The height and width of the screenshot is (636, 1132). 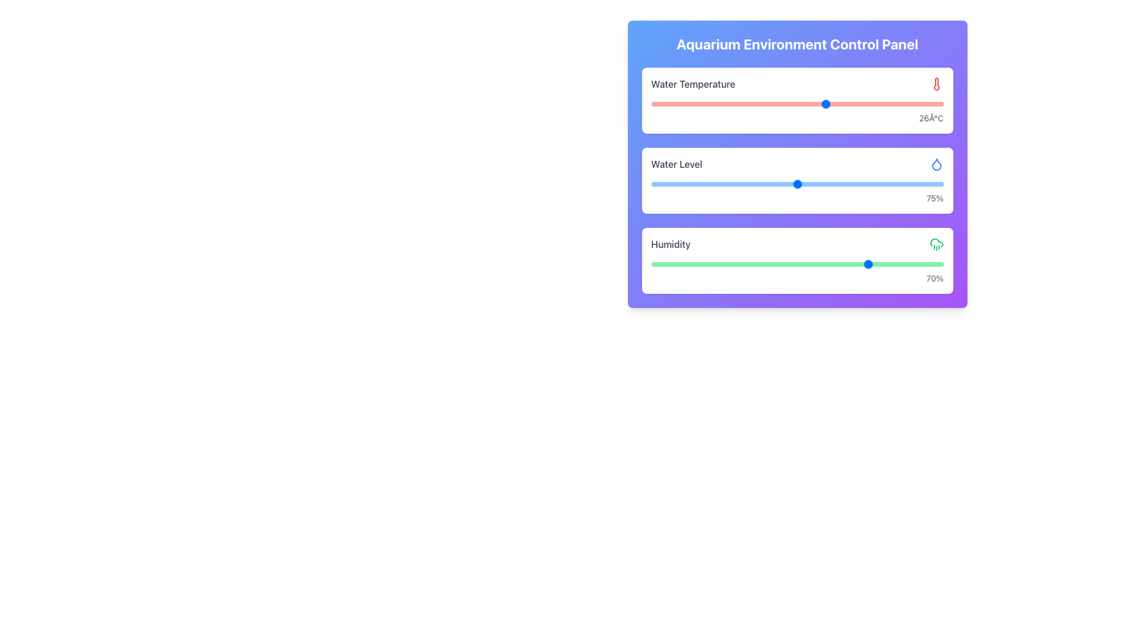 What do you see at coordinates (680, 184) in the screenshot?
I see `water level` at bounding box center [680, 184].